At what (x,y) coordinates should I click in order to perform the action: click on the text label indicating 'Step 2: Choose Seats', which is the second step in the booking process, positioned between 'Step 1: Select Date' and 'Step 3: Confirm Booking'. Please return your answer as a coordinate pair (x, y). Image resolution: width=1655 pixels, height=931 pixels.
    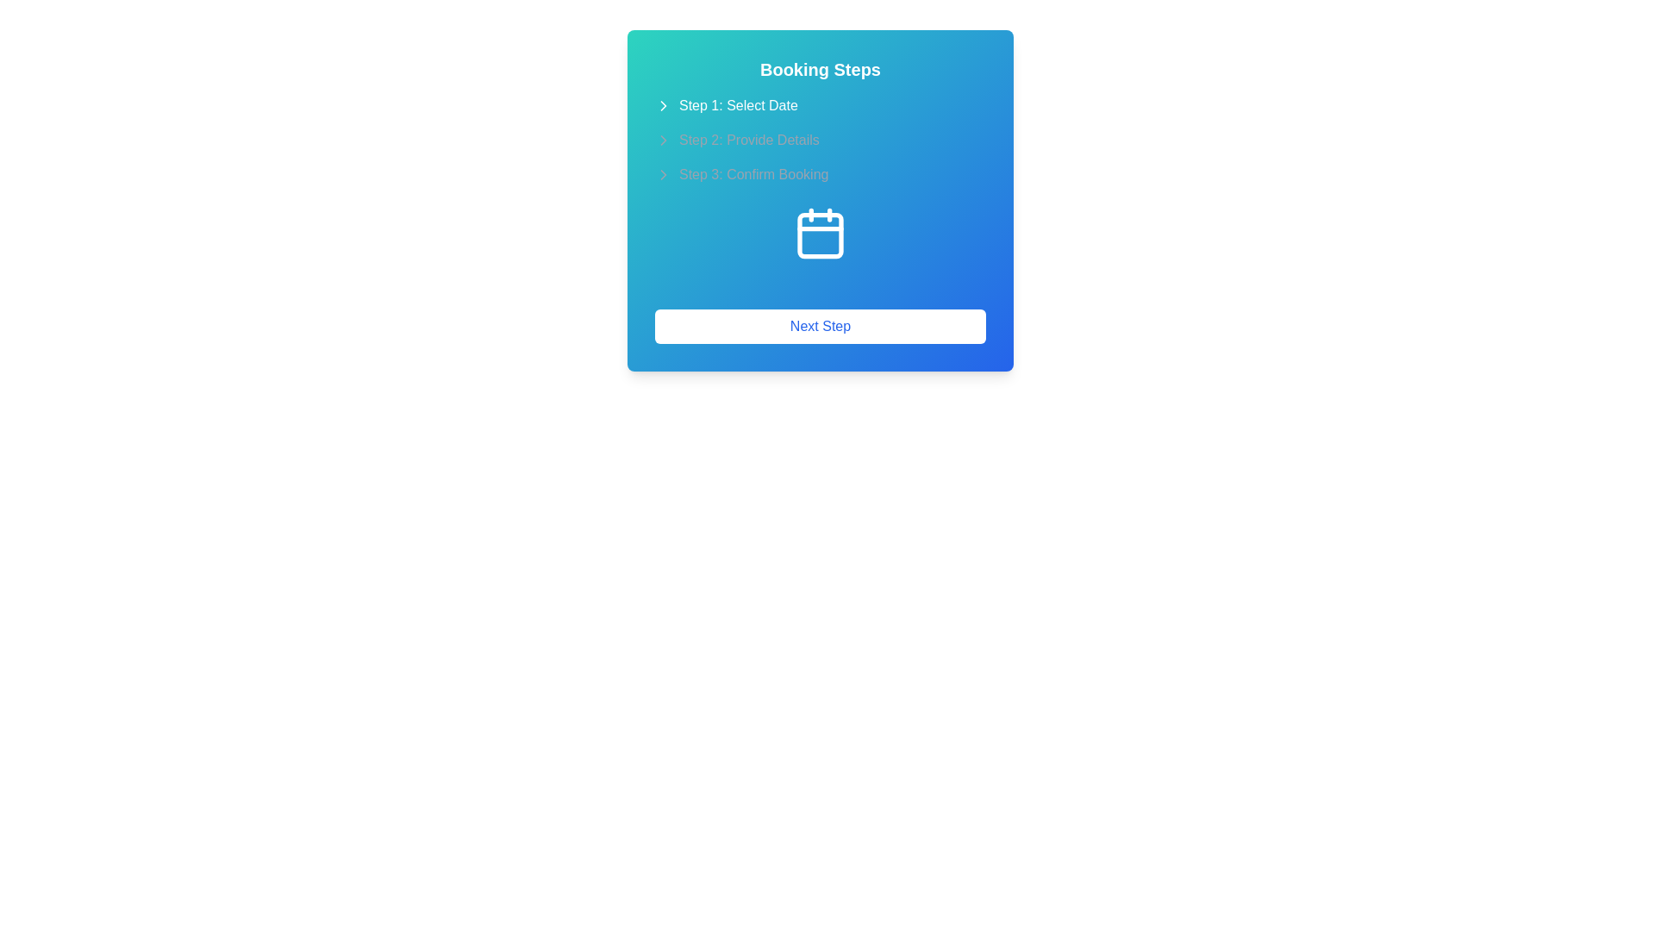
    Looking at the image, I should click on (749, 139).